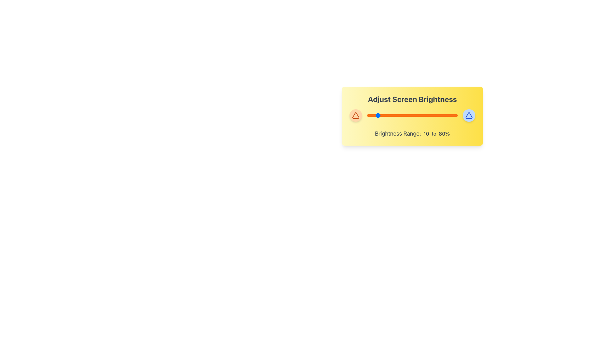 Image resolution: width=604 pixels, height=339 pixels. I want to click on the brightness, so click(452, 115).